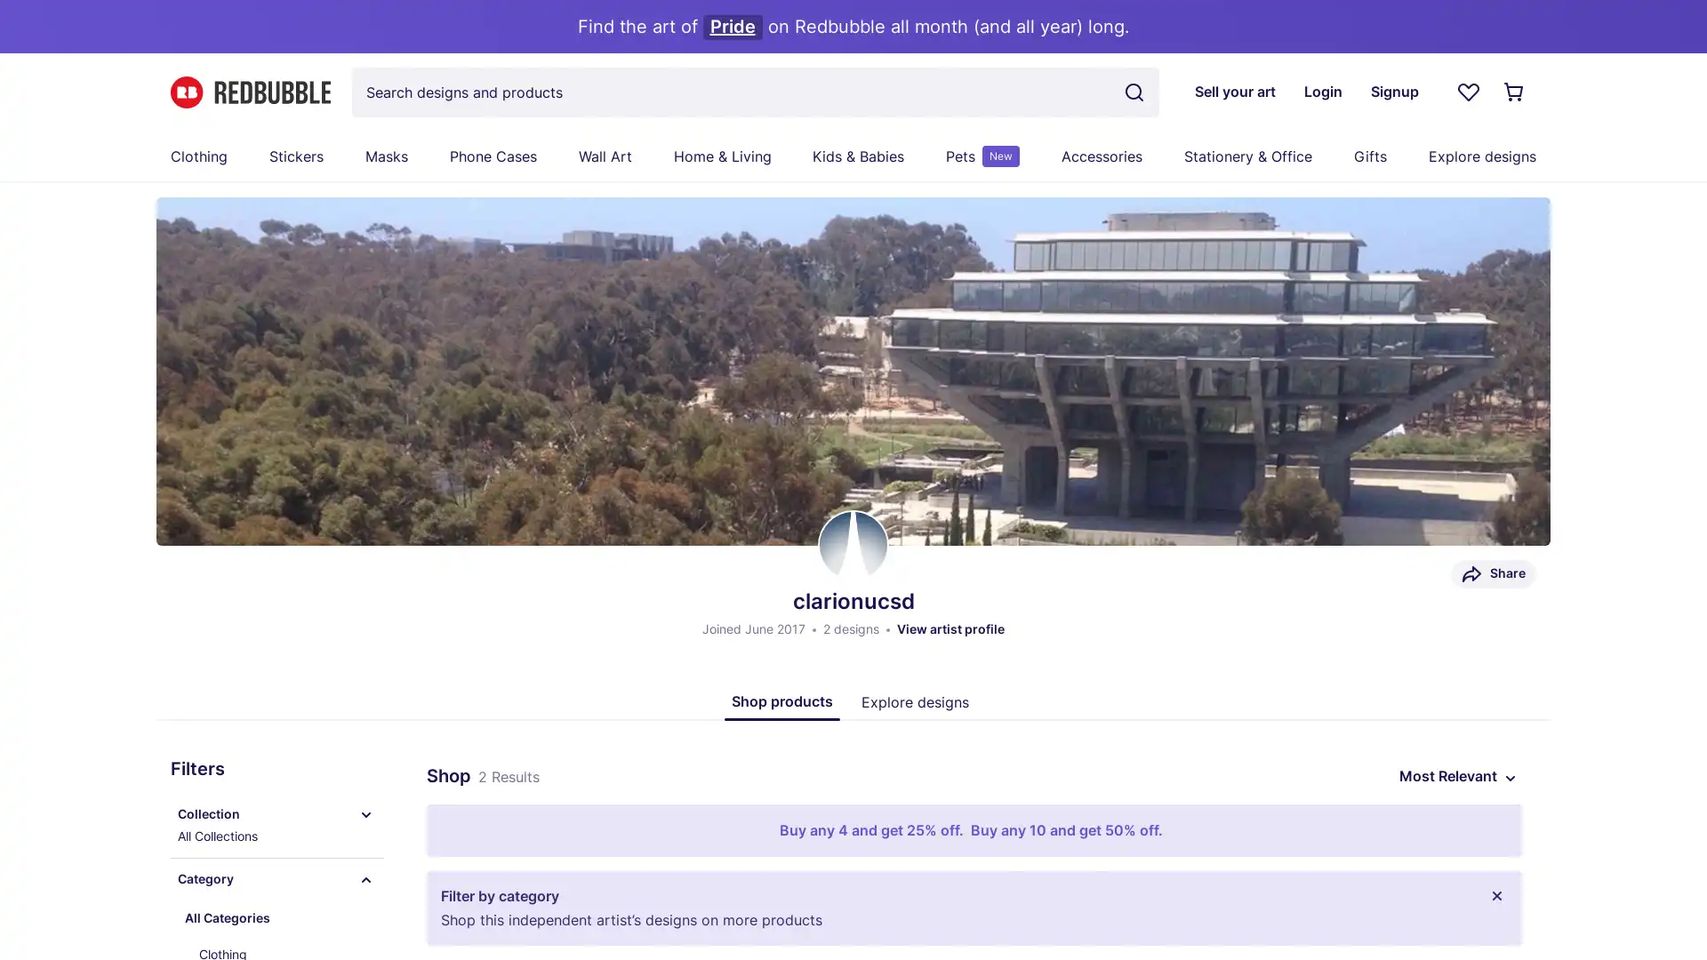 The image size is (1707, 960). I want to click on All Categories, so click(276, 918).